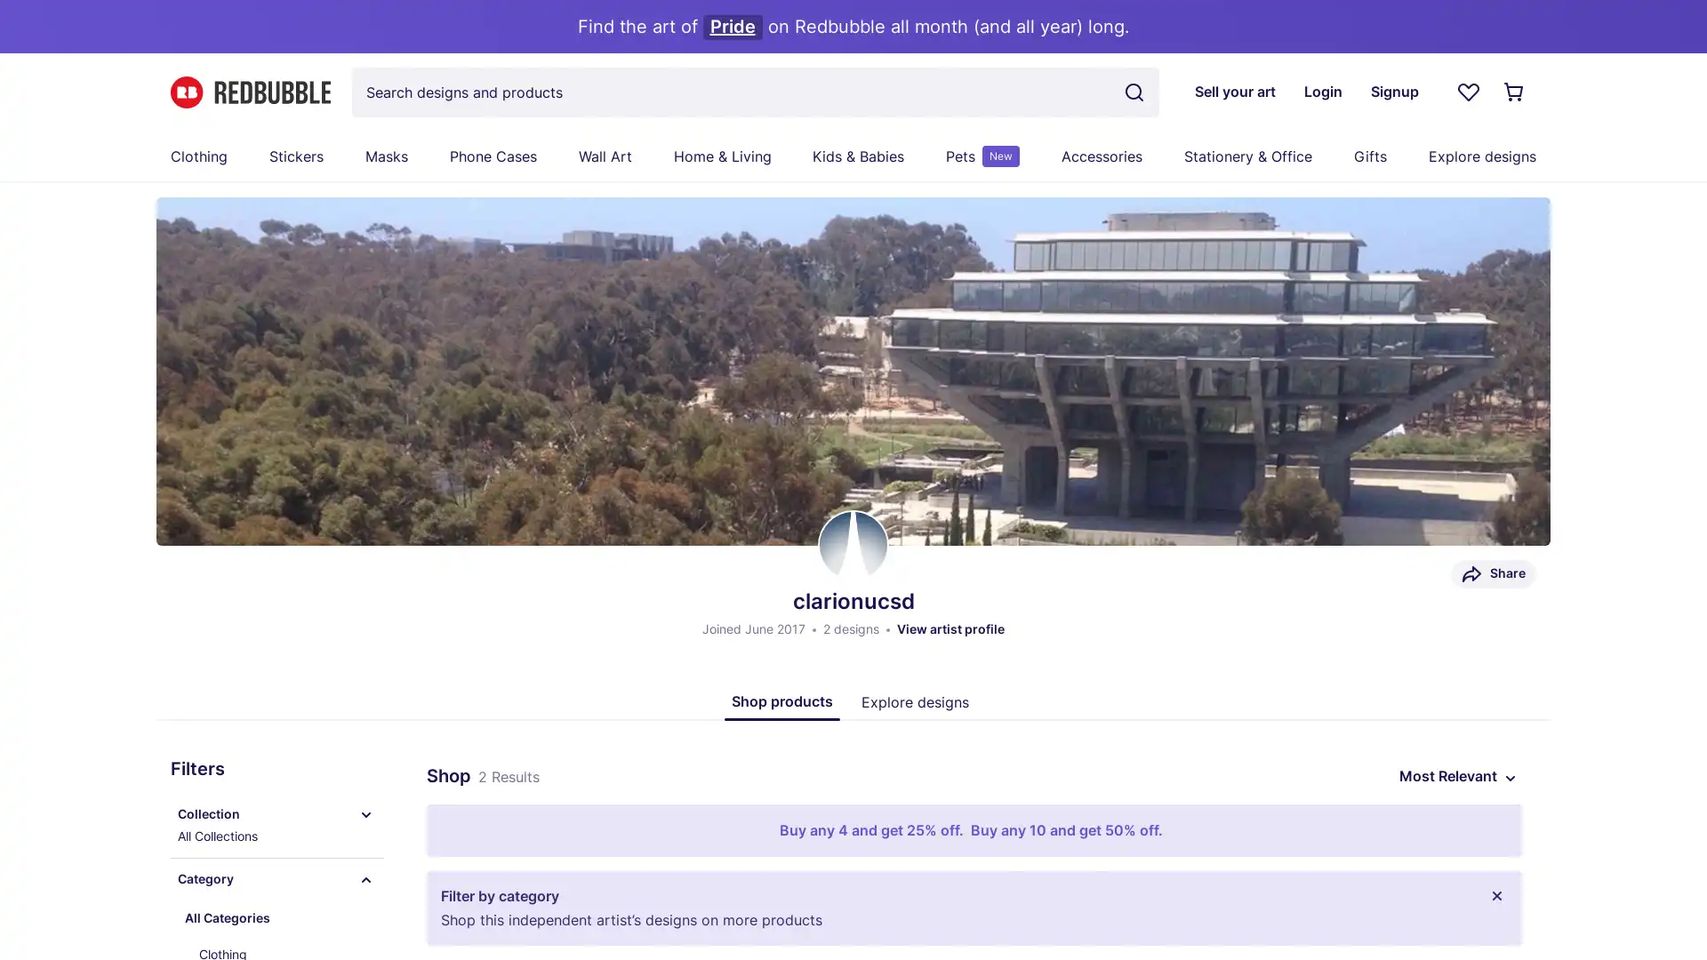 The image size is (1707, 960). I want to click on All Categories, so click(276, 918).